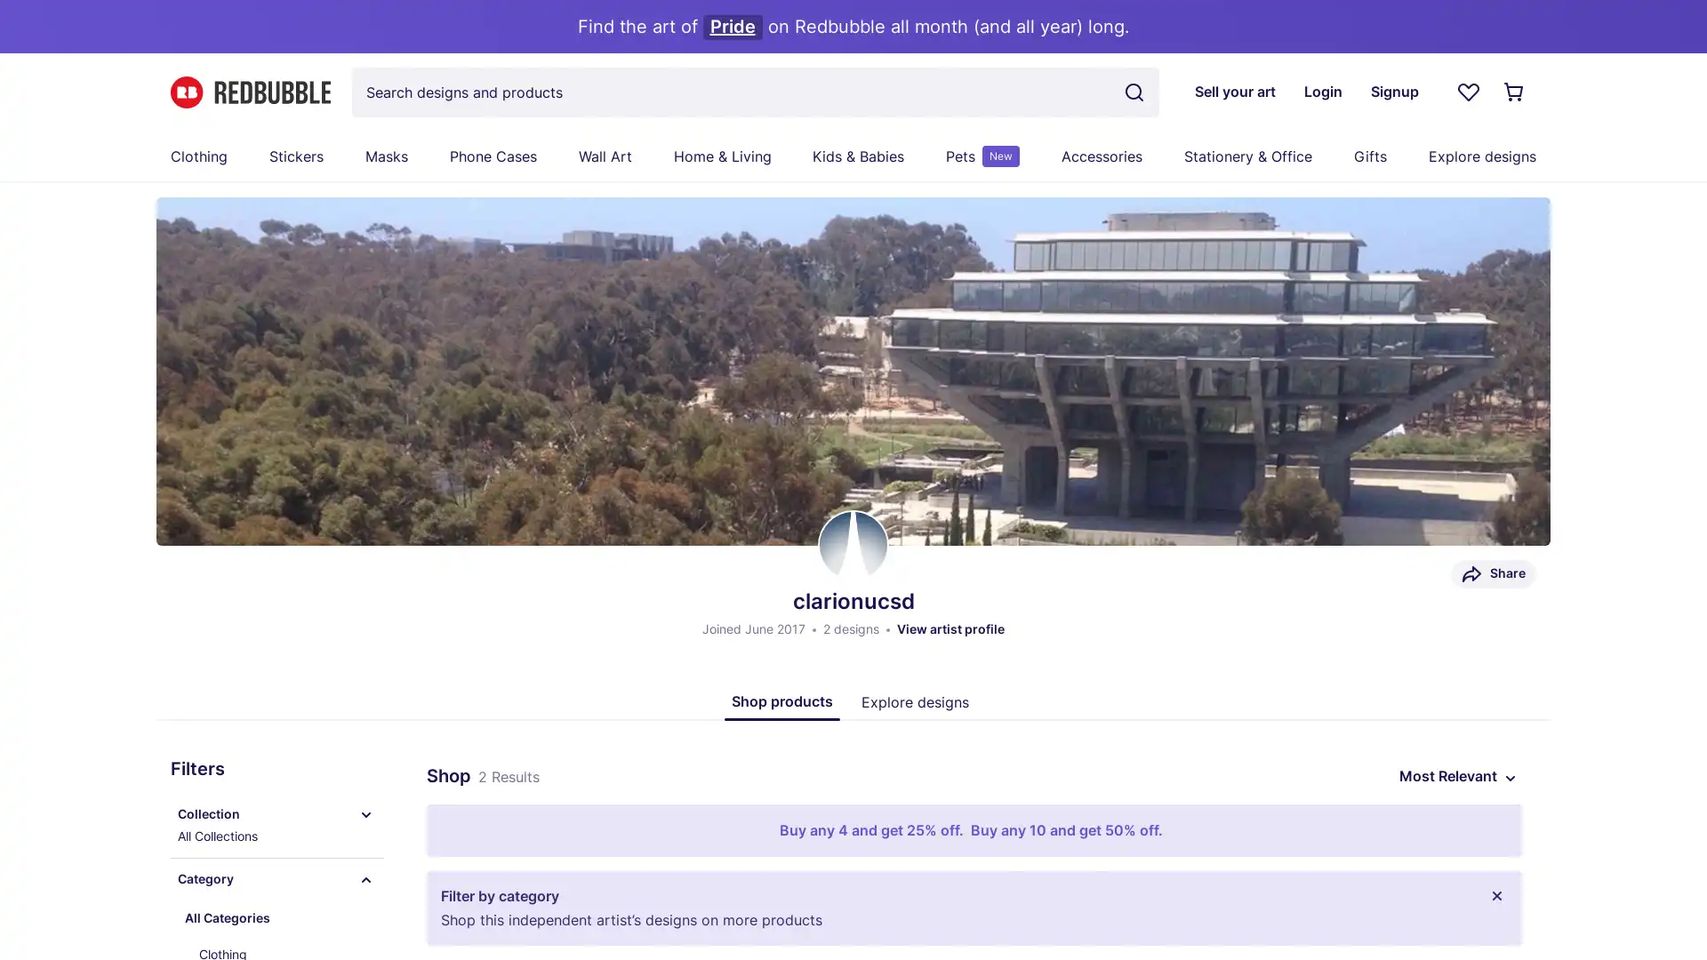 The image size is (1707, 960). I want to click on All Categories, so click(276, 918).